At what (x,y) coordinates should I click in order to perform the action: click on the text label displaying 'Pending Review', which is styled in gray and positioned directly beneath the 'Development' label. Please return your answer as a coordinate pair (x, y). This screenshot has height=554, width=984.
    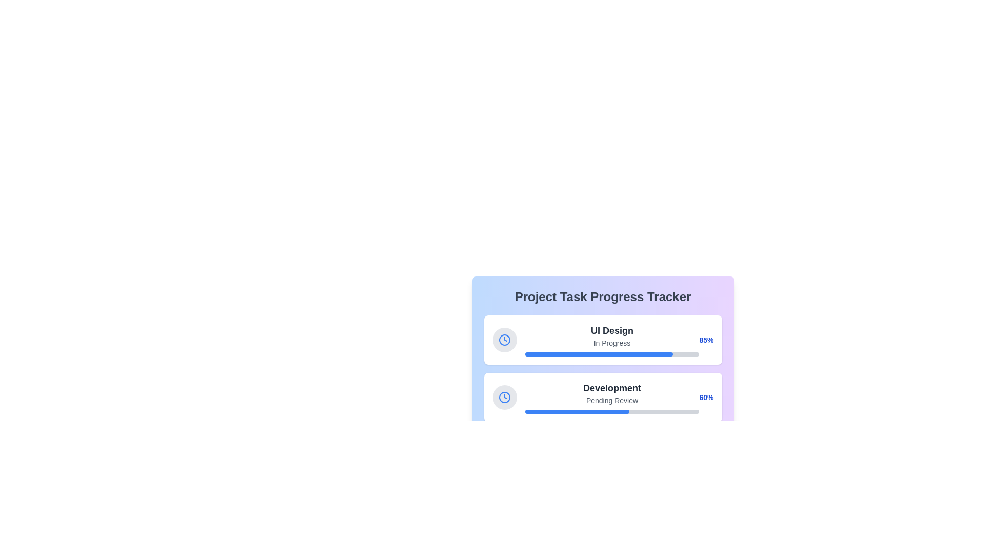
    Looking at the image, I should click on (612, 400).